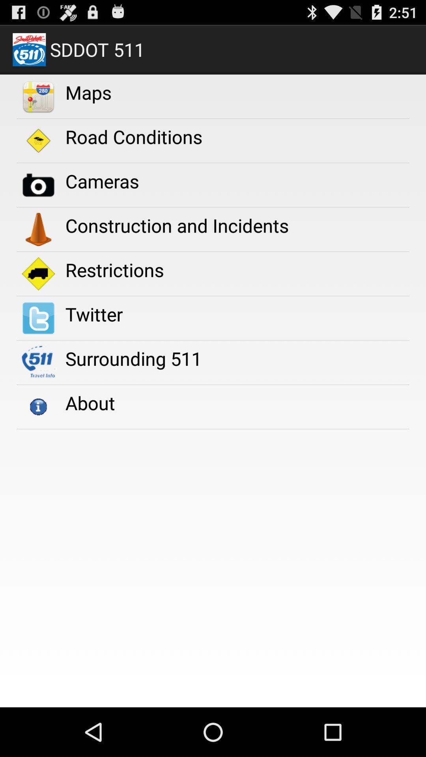 The image size is (426, 757). What do you see at coordinates (133, 136) in the screenshot?
I see `the road conditions item` at bounding box center [133, 136].